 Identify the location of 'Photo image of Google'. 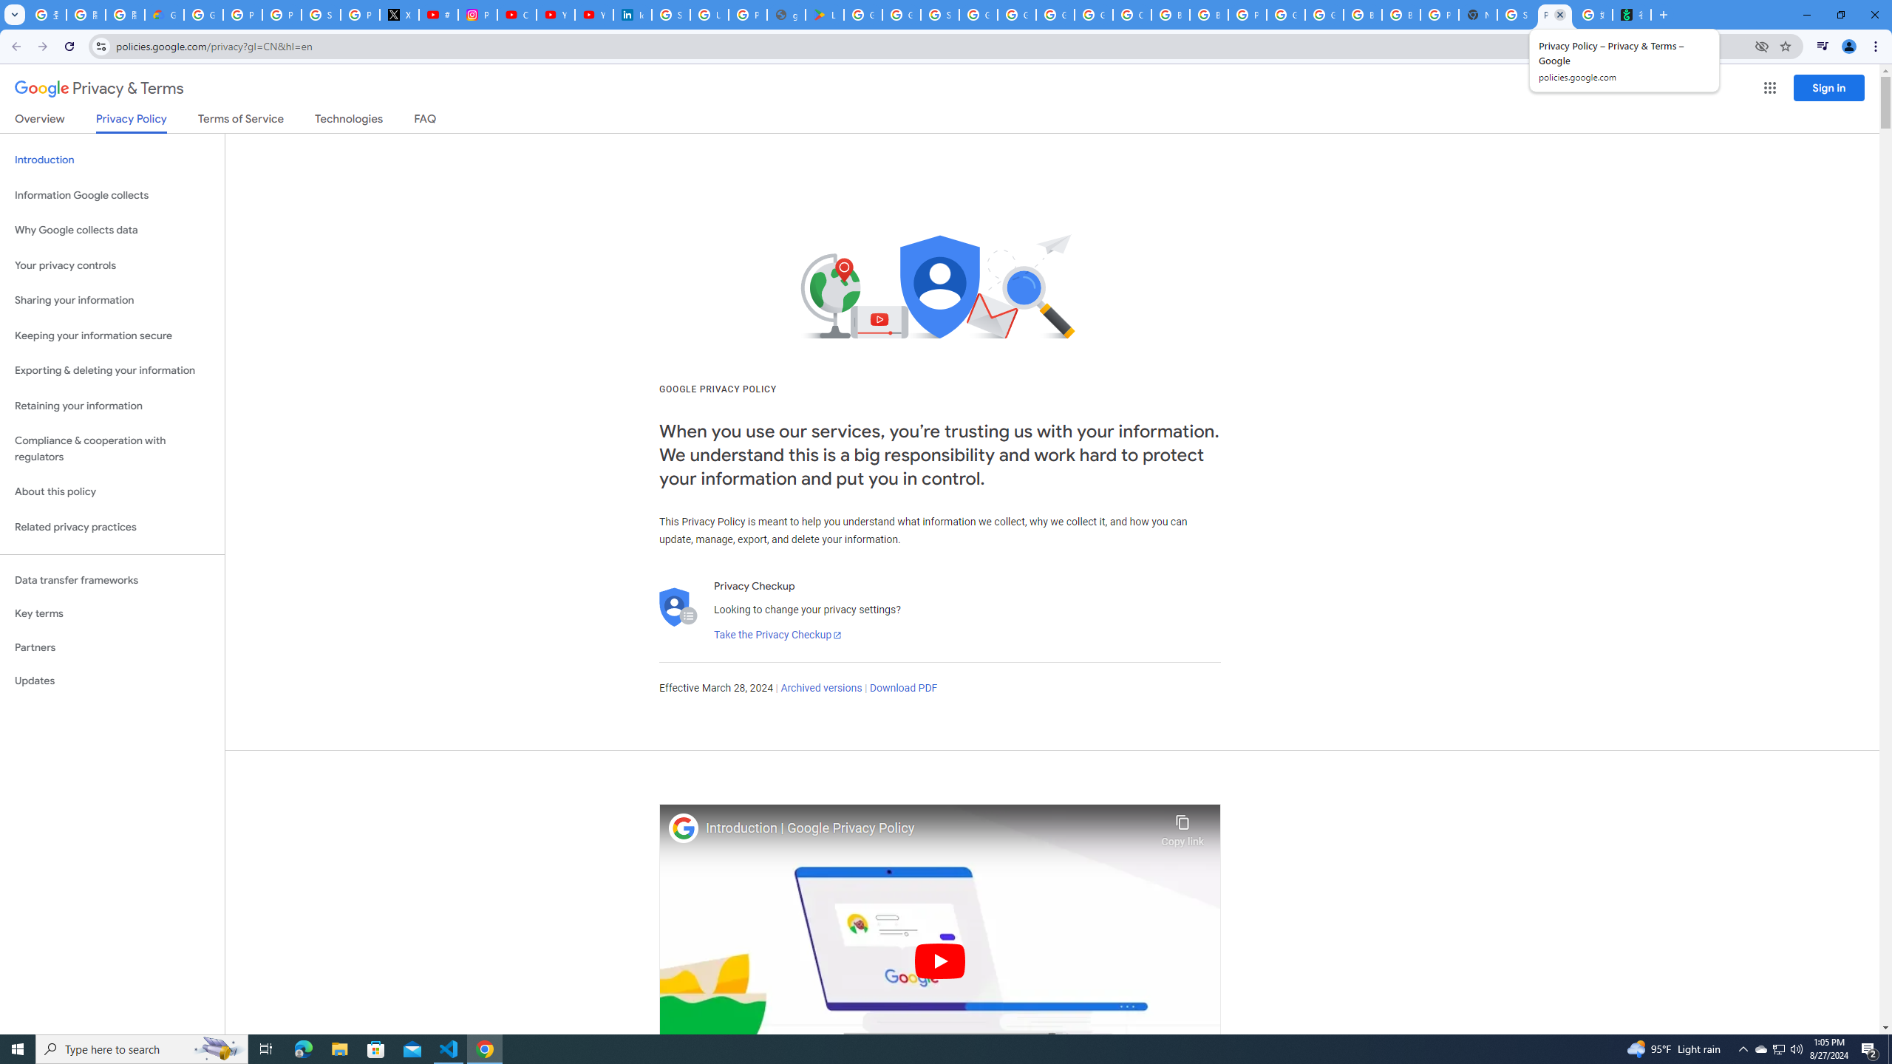
(684, 827).